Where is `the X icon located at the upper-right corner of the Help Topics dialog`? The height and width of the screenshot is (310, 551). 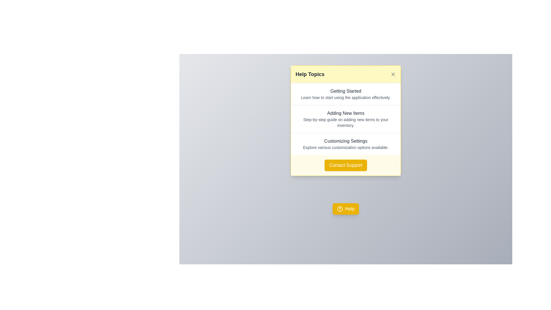
the X icon located at the upper-right corner of the Help Topics dialog is located at coordinates (393, 74).